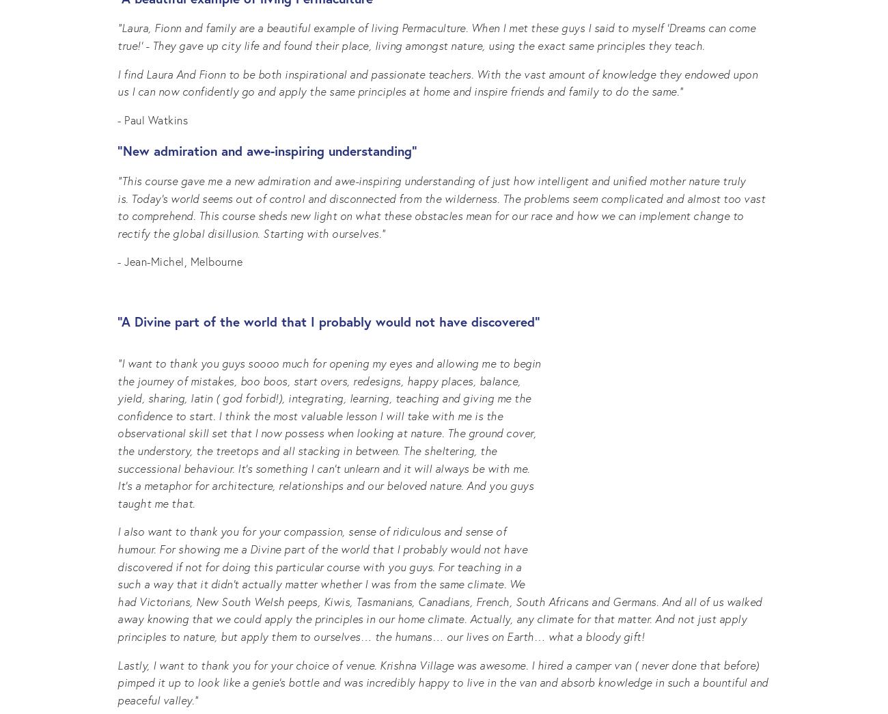 Image resolution: width=888 pixels, height=714 pixels. Describe the element at coordinates (329, 432) in the screenshot. I see `'“I want to thank you guys soooo much for opening my eyes and allowing me to begin the journey of mistakes, boo boos, start overs, redesigns, happy places, balance, yield, sharing, latin ( god forbid!), integrating, learning, teaching and giving me the confidence to start. I think the most valuable lesson I will take with me is the observational skill set that I now possess when looking at nature. The ground cover, the understory, the treetops and all stacking in between. The sheltering, the successional behaviour. It’s something I can’t unlearn and it will always be with me. It’s a metaphor for architecture, relationships and our beloved nature. And you guys taught me that.'` at that location.